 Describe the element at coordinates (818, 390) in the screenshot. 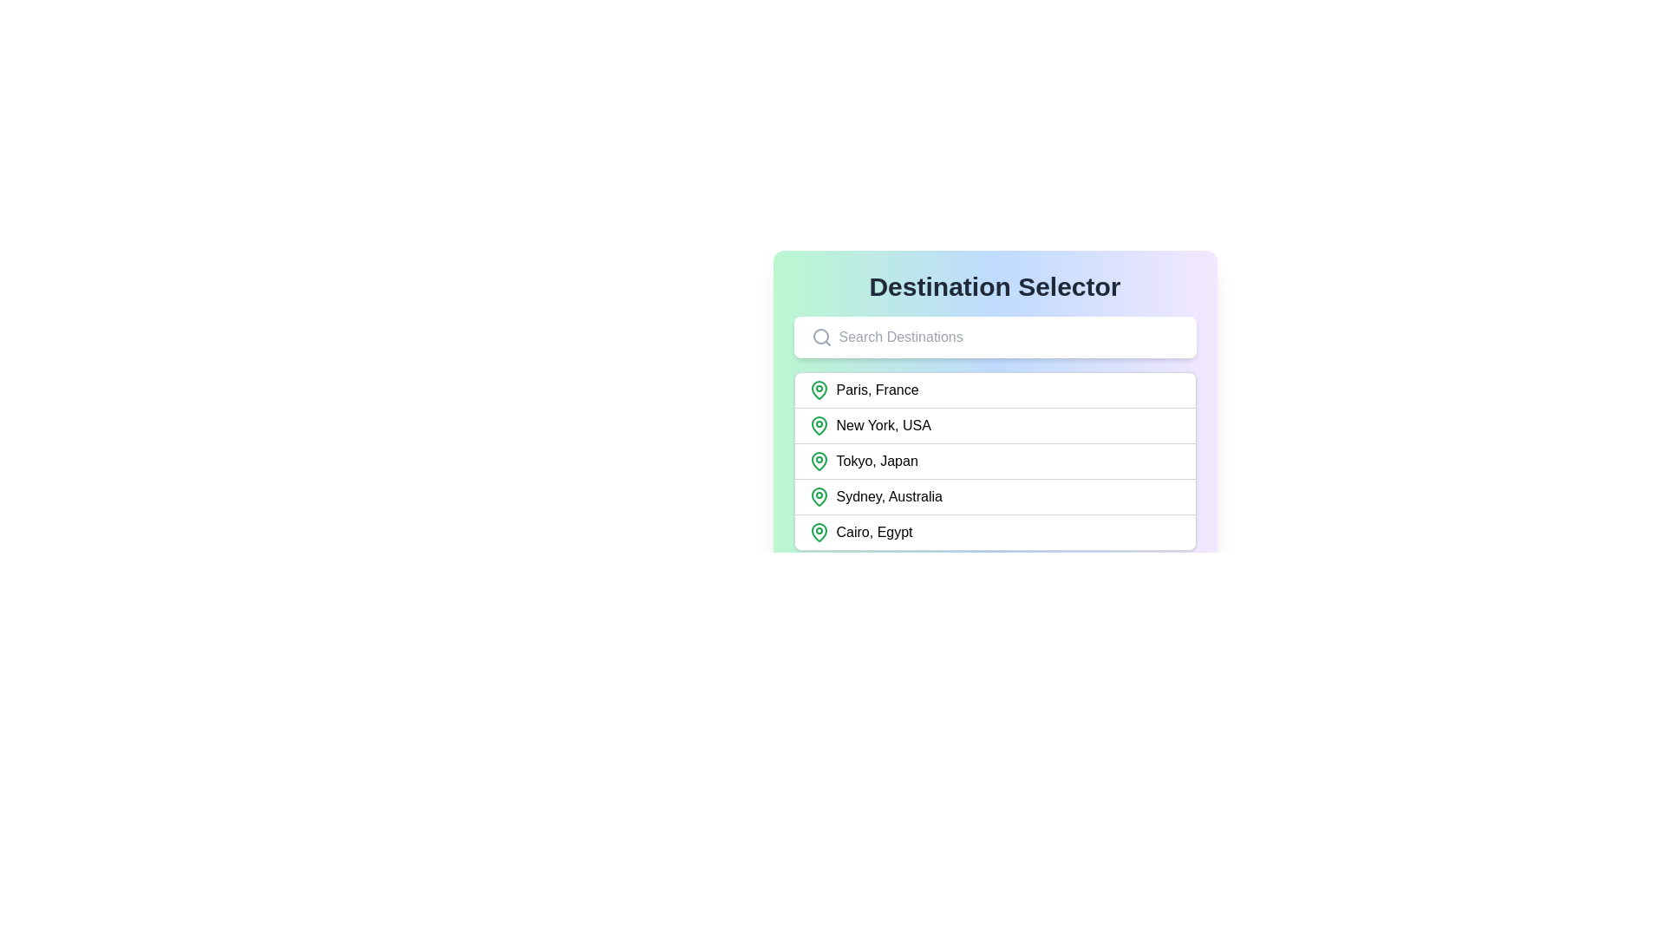

I see `the map pin icon representing the destination 'Paris, France', which is located in the first row of the destination list, to the immediate left of the associated text` at that location.